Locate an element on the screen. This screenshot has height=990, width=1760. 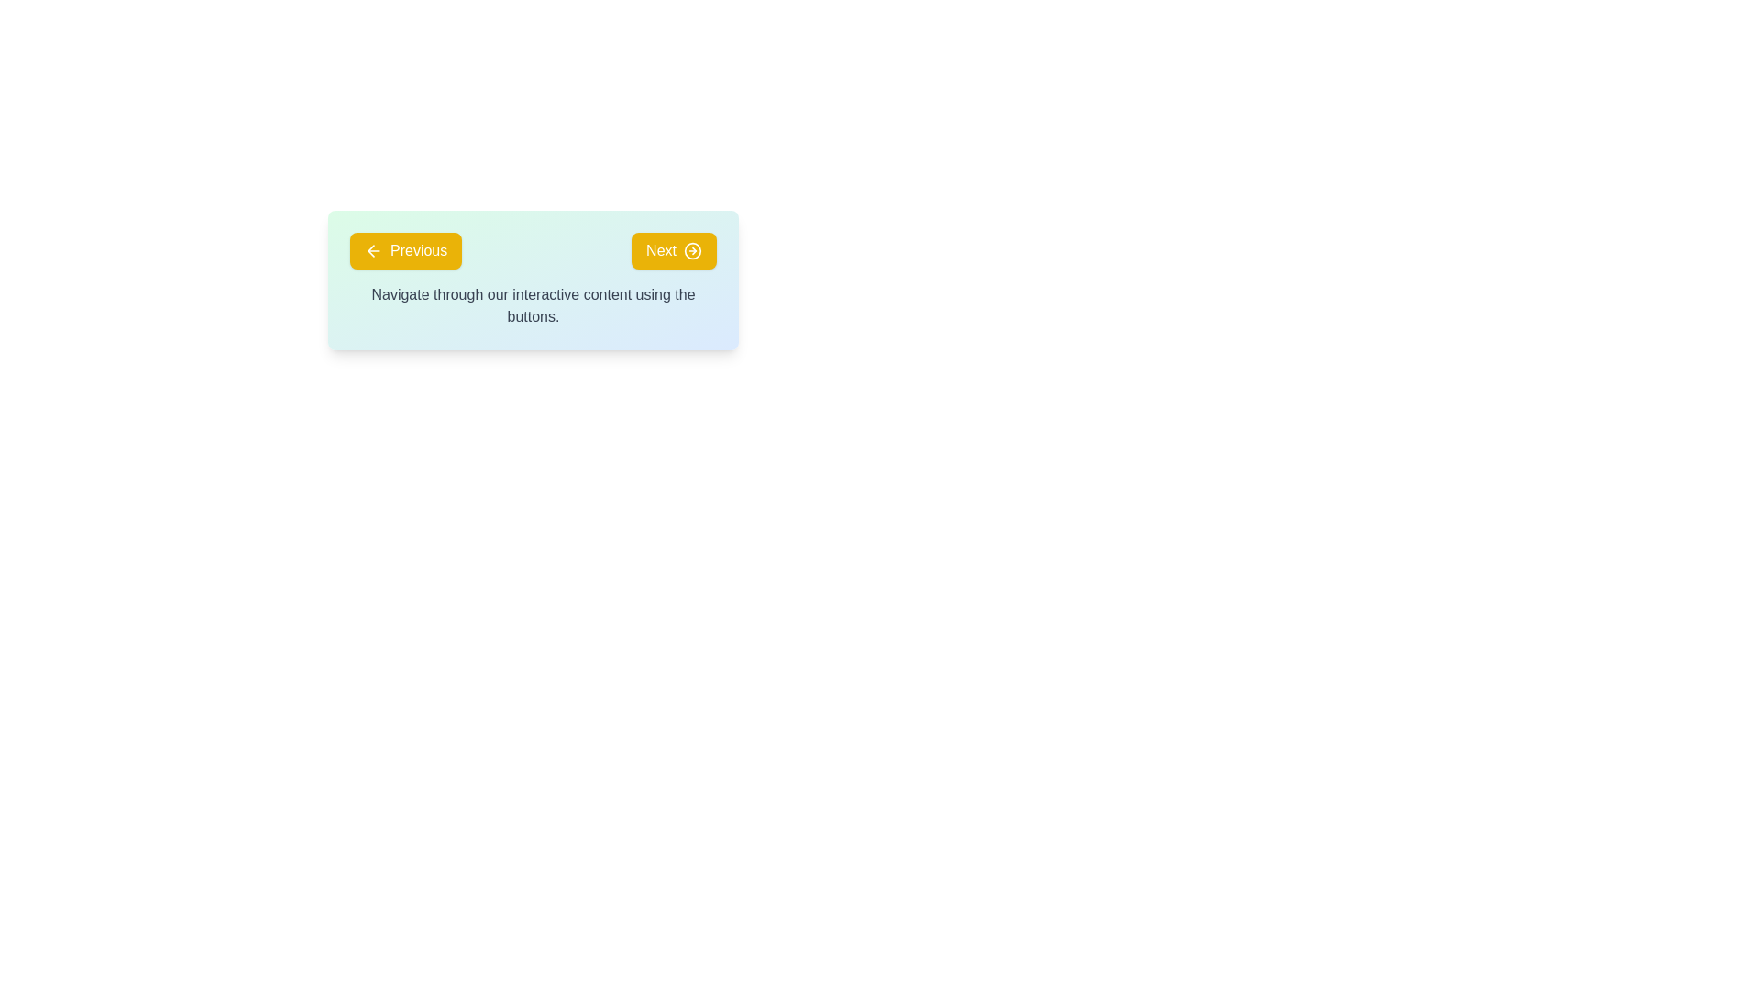
the leftward-pointing chevron arrow icon within the 'Previous' button, which is styled in minimalistic line-art and blends with the yellow background is located at coordinates (373, 250).